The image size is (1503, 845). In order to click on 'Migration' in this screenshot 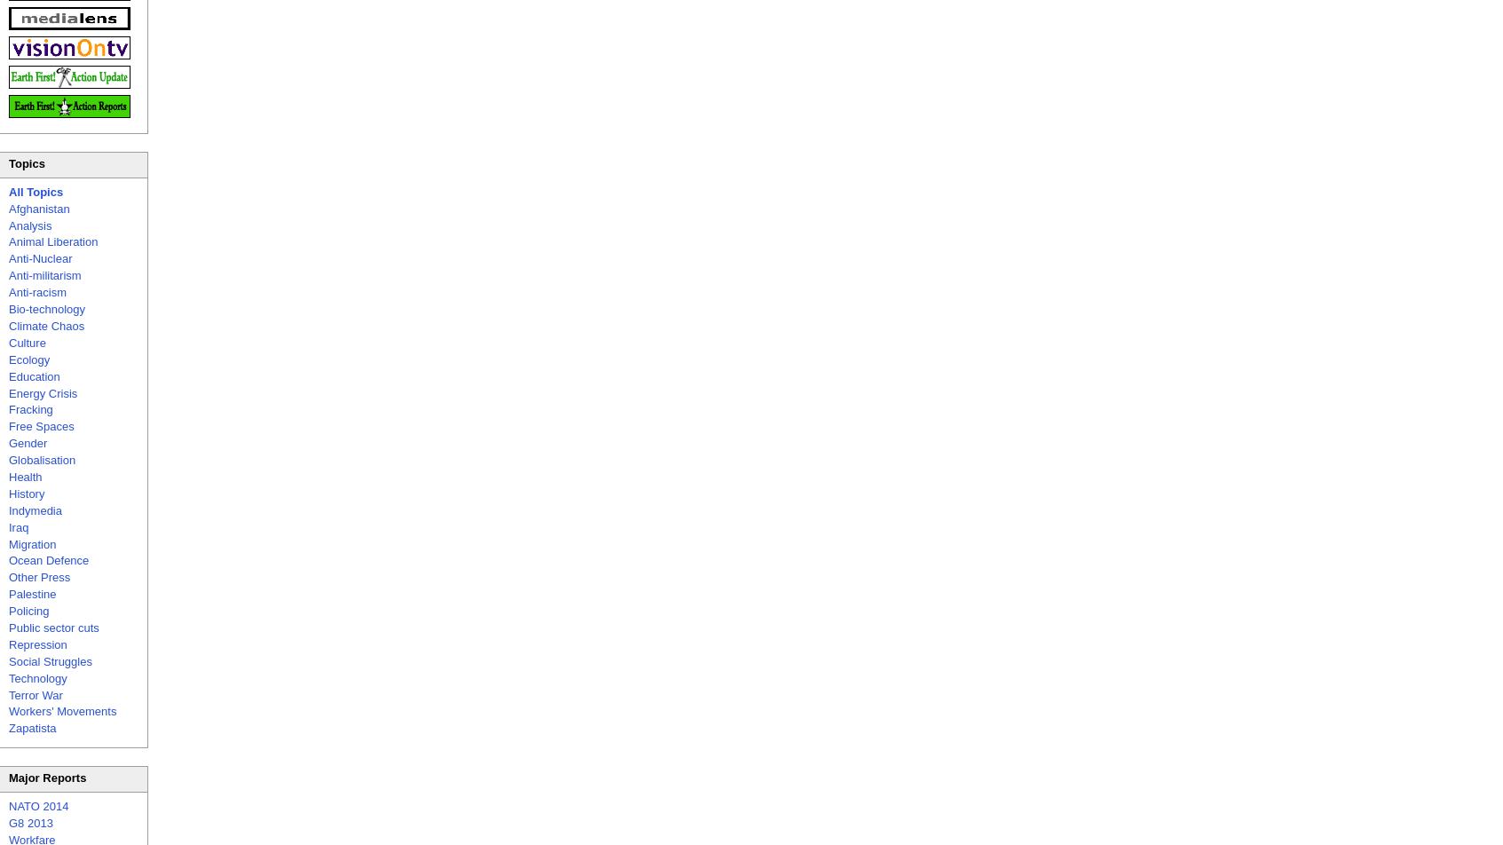, I will do `click(31, 543)`.